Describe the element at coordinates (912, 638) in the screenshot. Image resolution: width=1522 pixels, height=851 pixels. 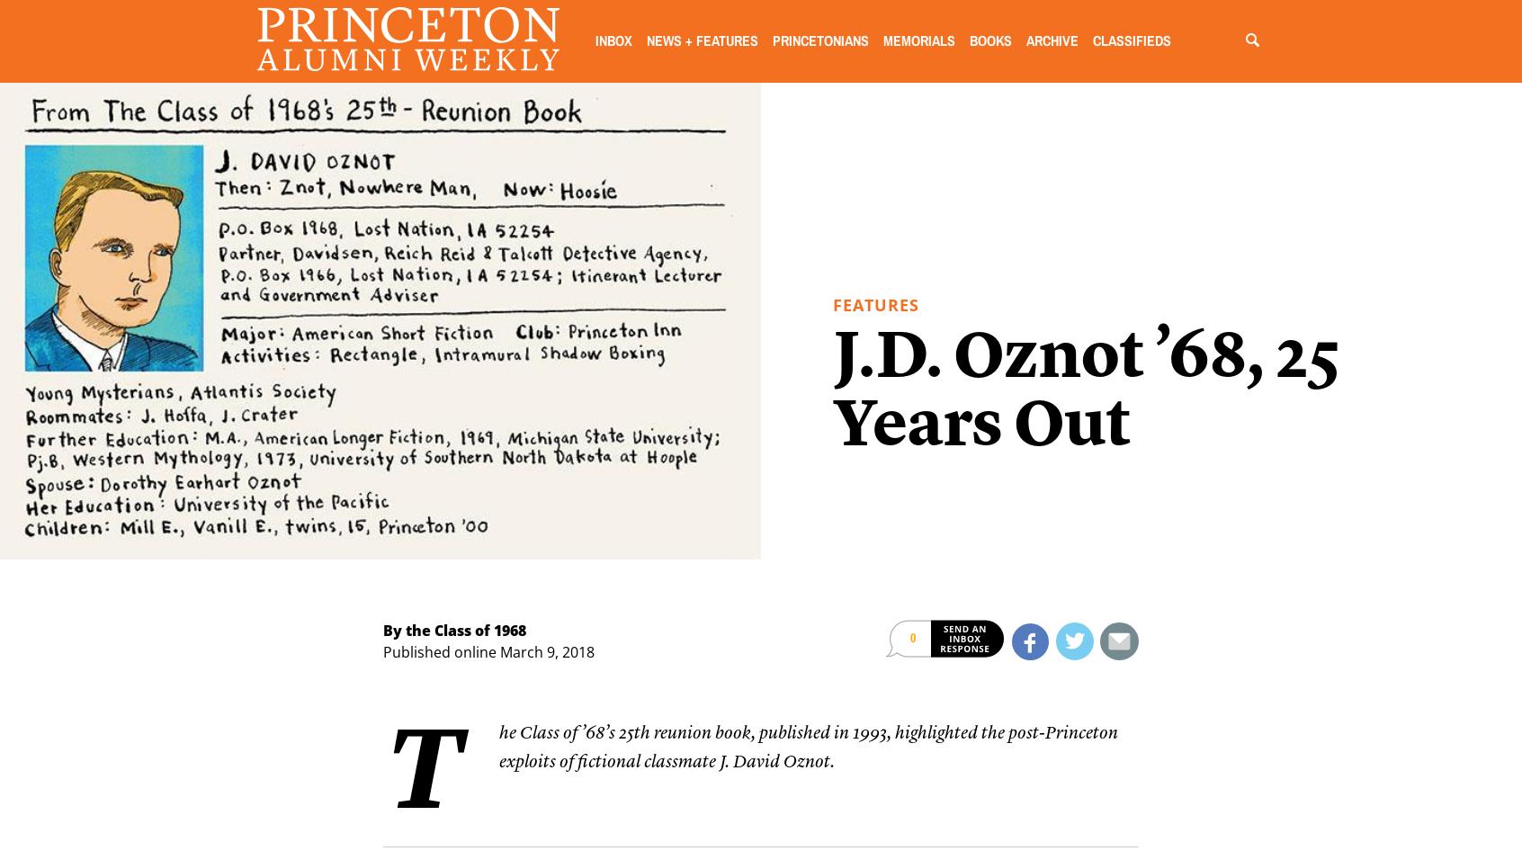
I see `'0'` at that location.